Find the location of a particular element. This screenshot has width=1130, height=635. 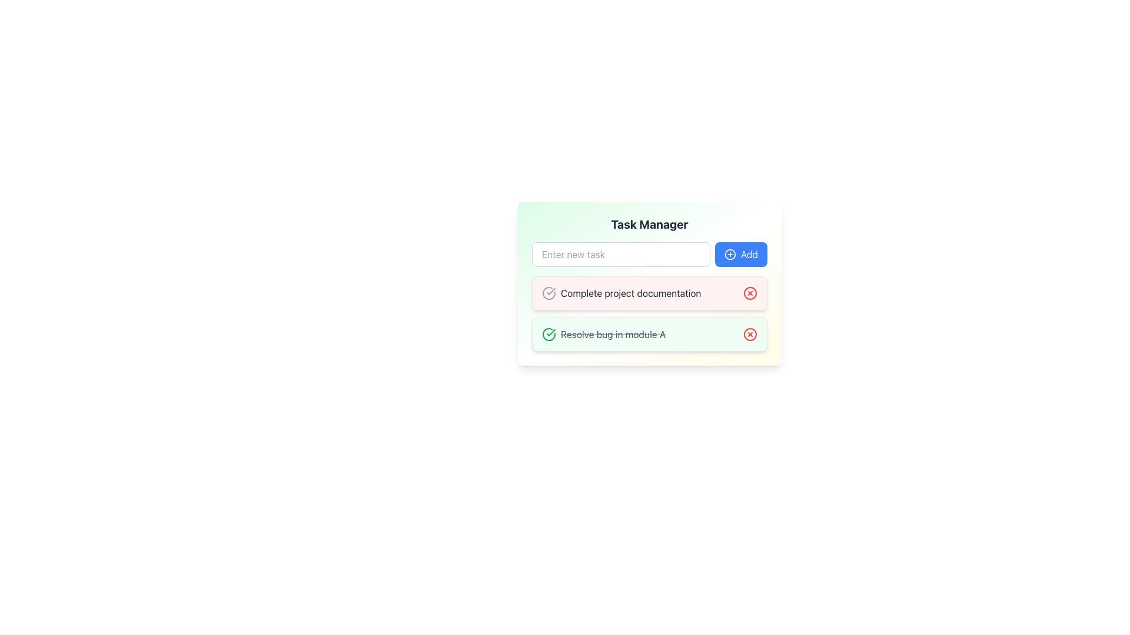

the text element displaying 'Complete project documentation' in dark gray within the task management interface, located in the second row of the task list is located at coordinates (630, 292).